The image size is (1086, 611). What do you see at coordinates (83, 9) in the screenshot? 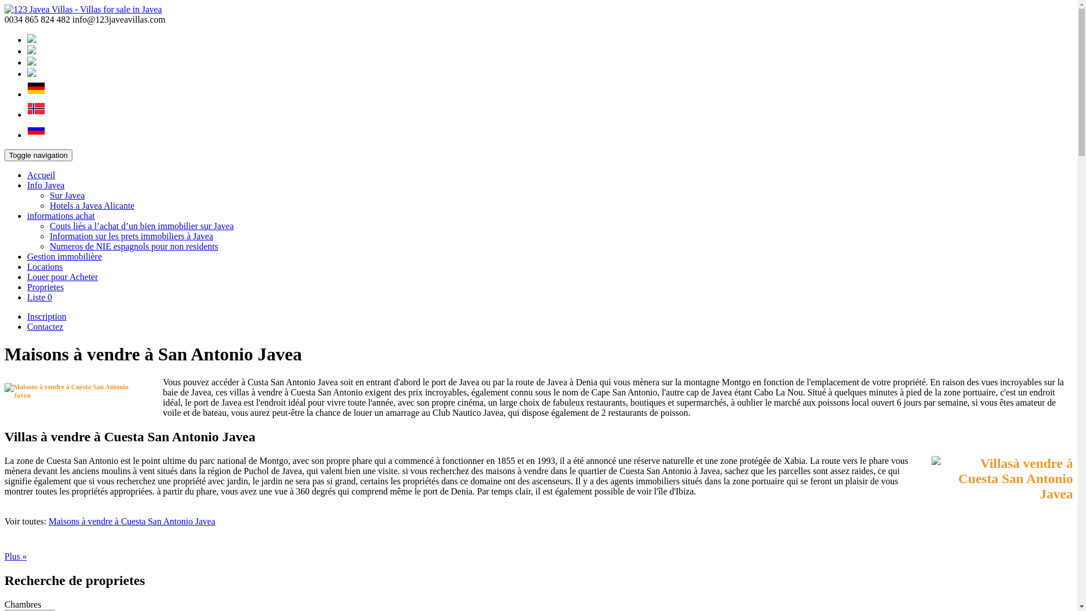
I see `'123 Javea Villas - Villas for sale in Javea'` at bounding box center [83, 9].